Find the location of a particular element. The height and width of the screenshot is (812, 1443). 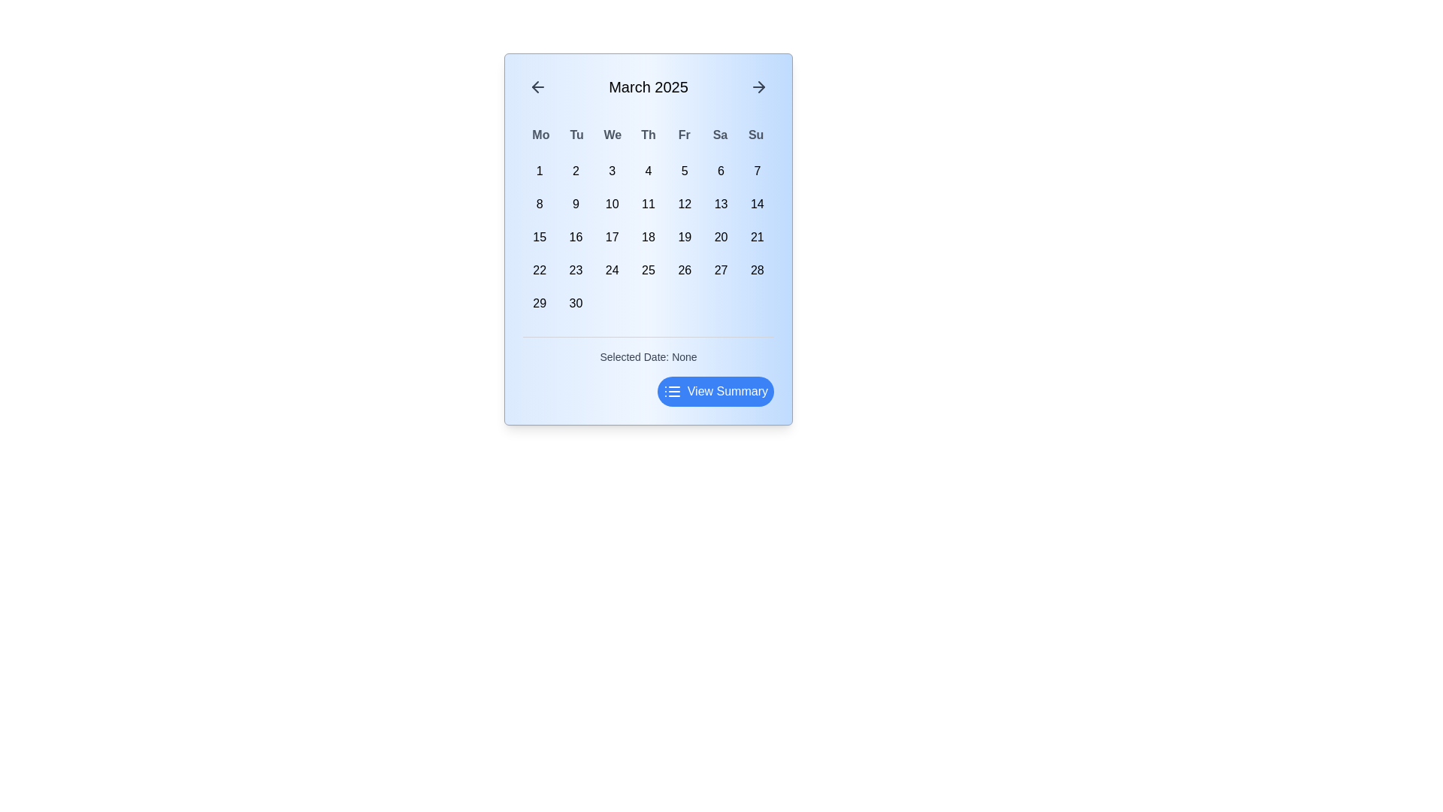

the displayed text 'March 2025' in the calendar interface, which is a bold and medium-sized text label positioned between two arrow icons is located at coordinates (649, 86).